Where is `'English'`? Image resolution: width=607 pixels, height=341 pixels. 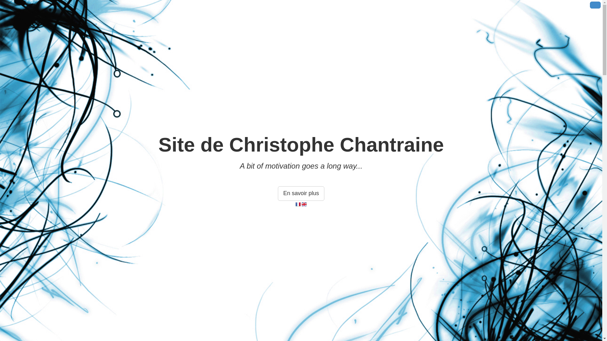 'English' is located at coordinates (301, 204).